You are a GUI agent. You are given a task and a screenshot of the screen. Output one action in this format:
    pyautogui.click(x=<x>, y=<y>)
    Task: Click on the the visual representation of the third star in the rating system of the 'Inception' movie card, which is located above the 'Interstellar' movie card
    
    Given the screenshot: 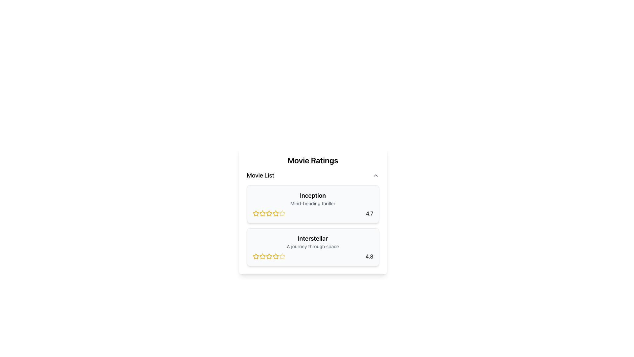 What is the action you would take?
    pyautogui.click(x=269, y=213)
    